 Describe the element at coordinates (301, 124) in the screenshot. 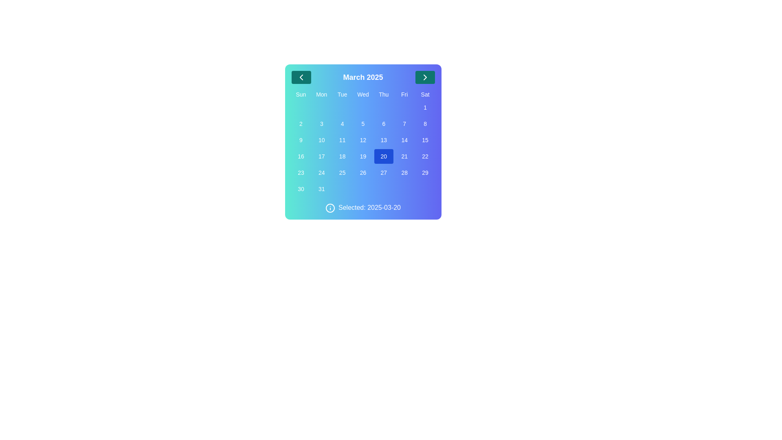

I see `the button representing the second day (Monday) of the month in the calendar grid` at that location.